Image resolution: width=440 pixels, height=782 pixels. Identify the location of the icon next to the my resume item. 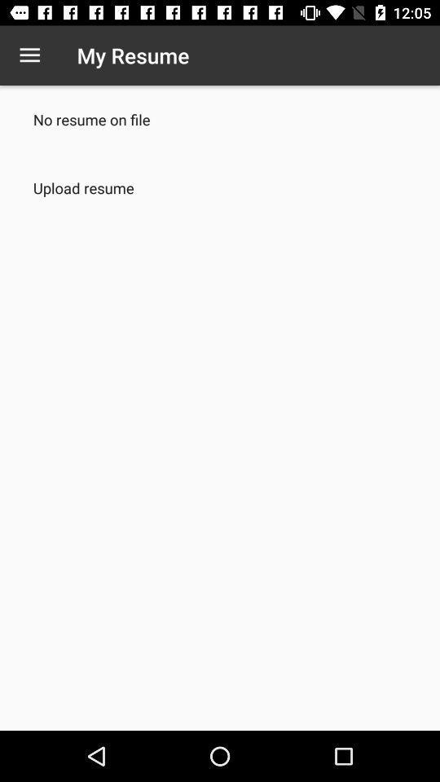
(29, 55).